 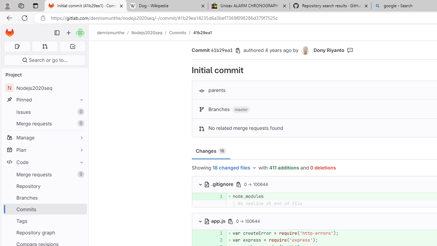 I want to click on 'Add a comment to this line ', so click(x=200, y=240).